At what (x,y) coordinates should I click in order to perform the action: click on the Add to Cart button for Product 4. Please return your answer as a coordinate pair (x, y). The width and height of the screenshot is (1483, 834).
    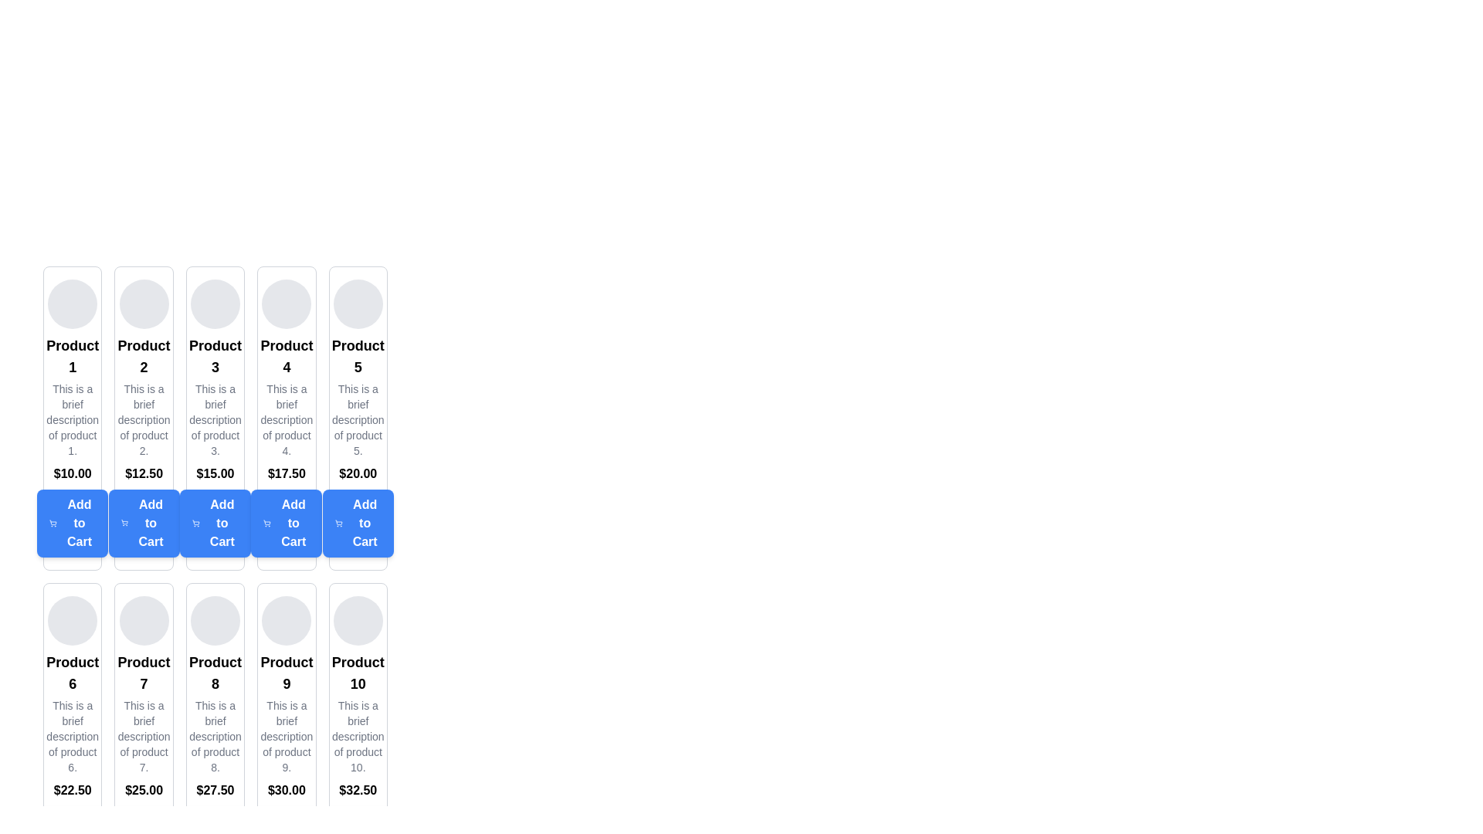
    Looking at the image, I should click on (267, 523).